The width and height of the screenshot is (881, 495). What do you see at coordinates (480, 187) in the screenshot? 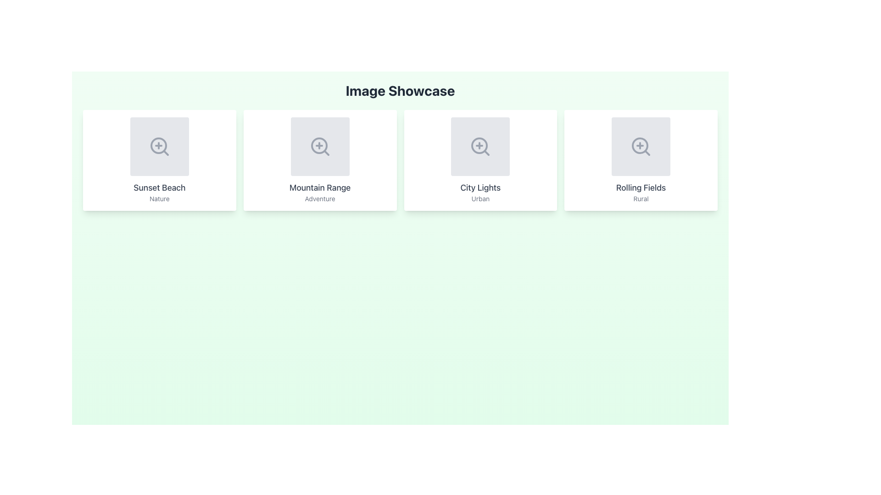
I see `the 'City Lights' text label, which is styled in medium gray and located centrally in the third box from the left, above the 'Urban' text and below an image placeholder` at bounding box center [480, 187].